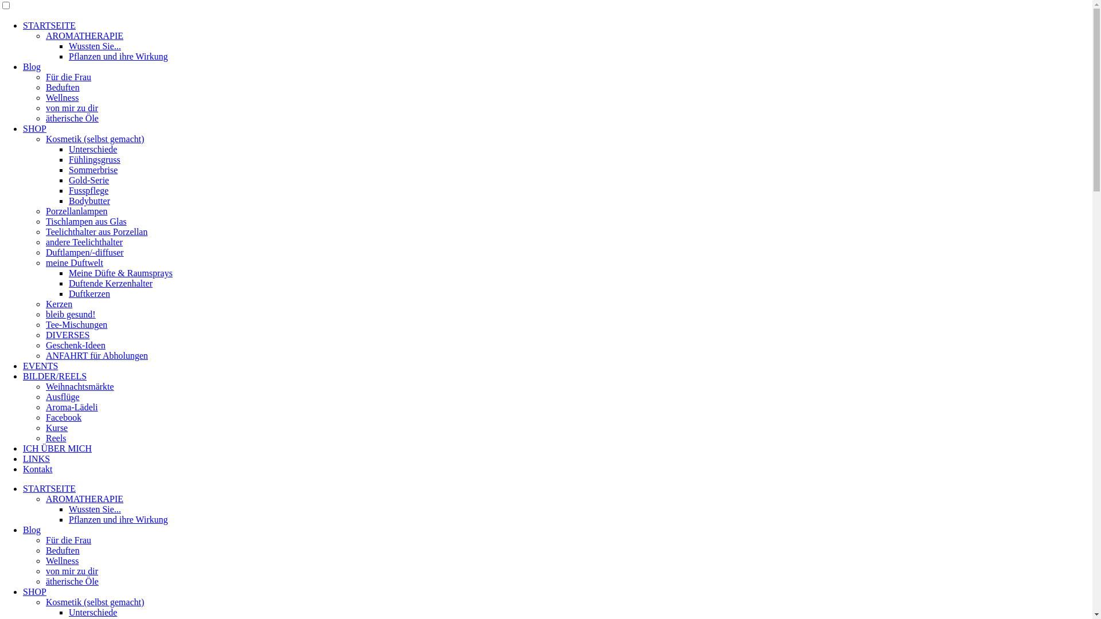 This screenshot has width=1101, height=619. Describe the element at coordinates (85, 221) in the screenshot. I see `'Tischlampen aus Glas'` at that location.